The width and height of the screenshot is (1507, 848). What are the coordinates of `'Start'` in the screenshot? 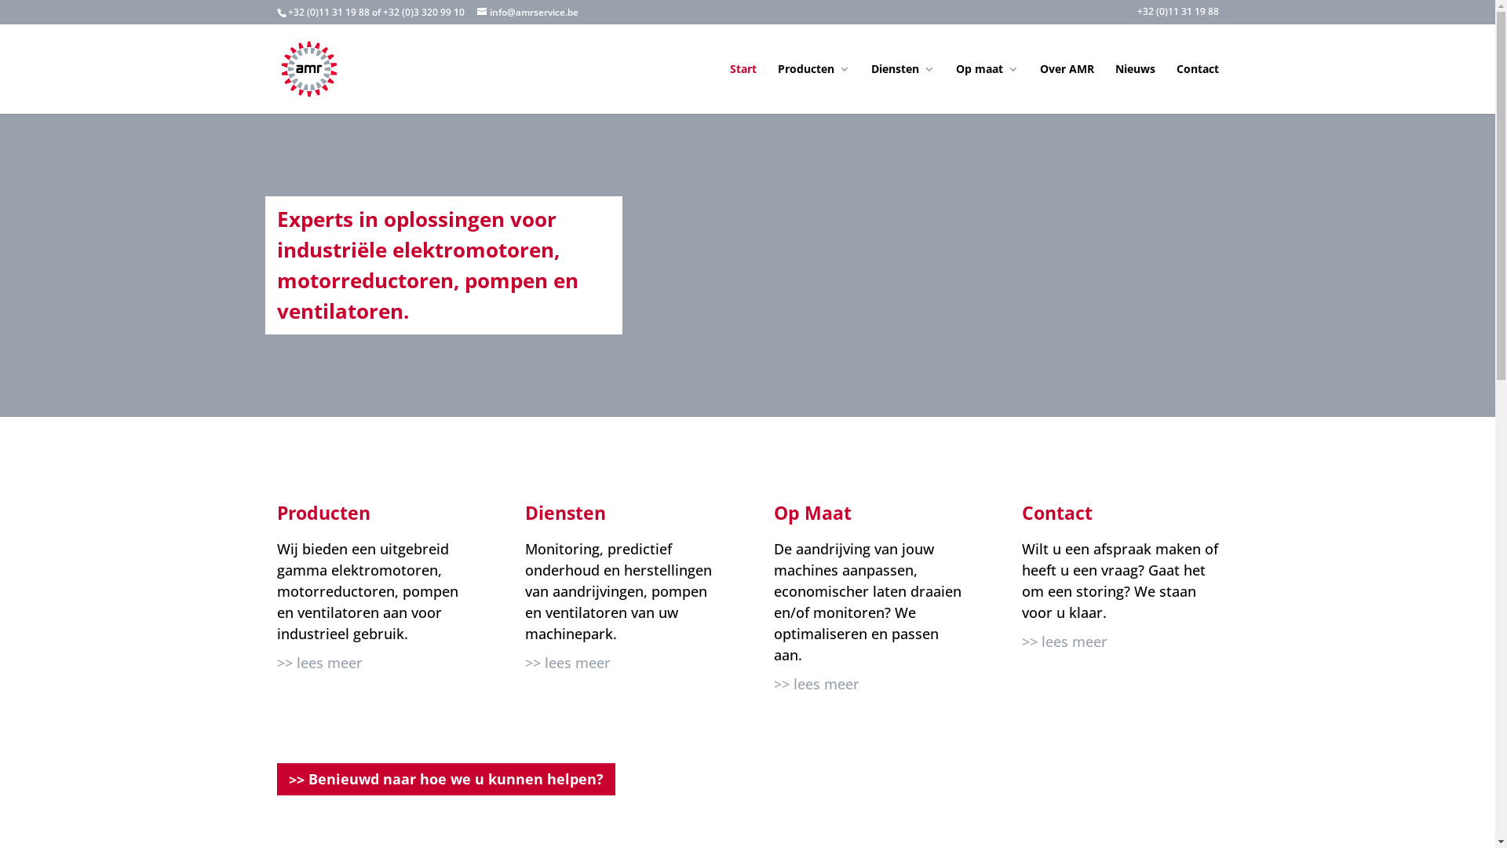 It's located at (742, 88).